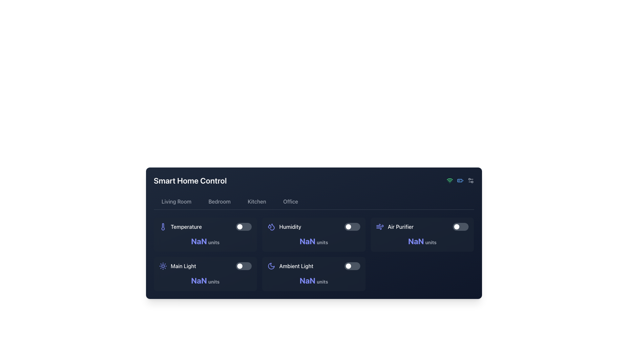  I want to click on indigo crescent moon icon located in the 'Ambient Light' section of the Smart Home Control interface, so click(271, 266).